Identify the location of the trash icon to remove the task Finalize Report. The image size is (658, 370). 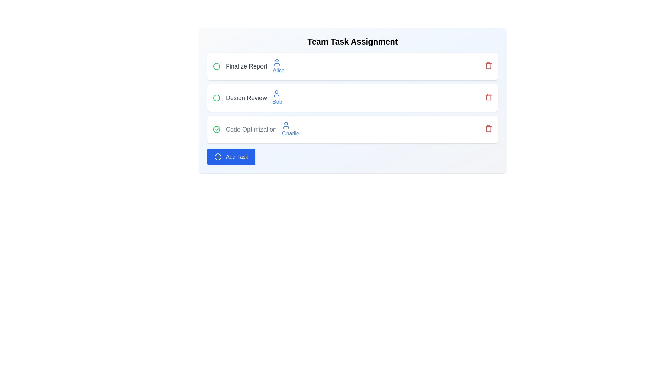
(488, 65).